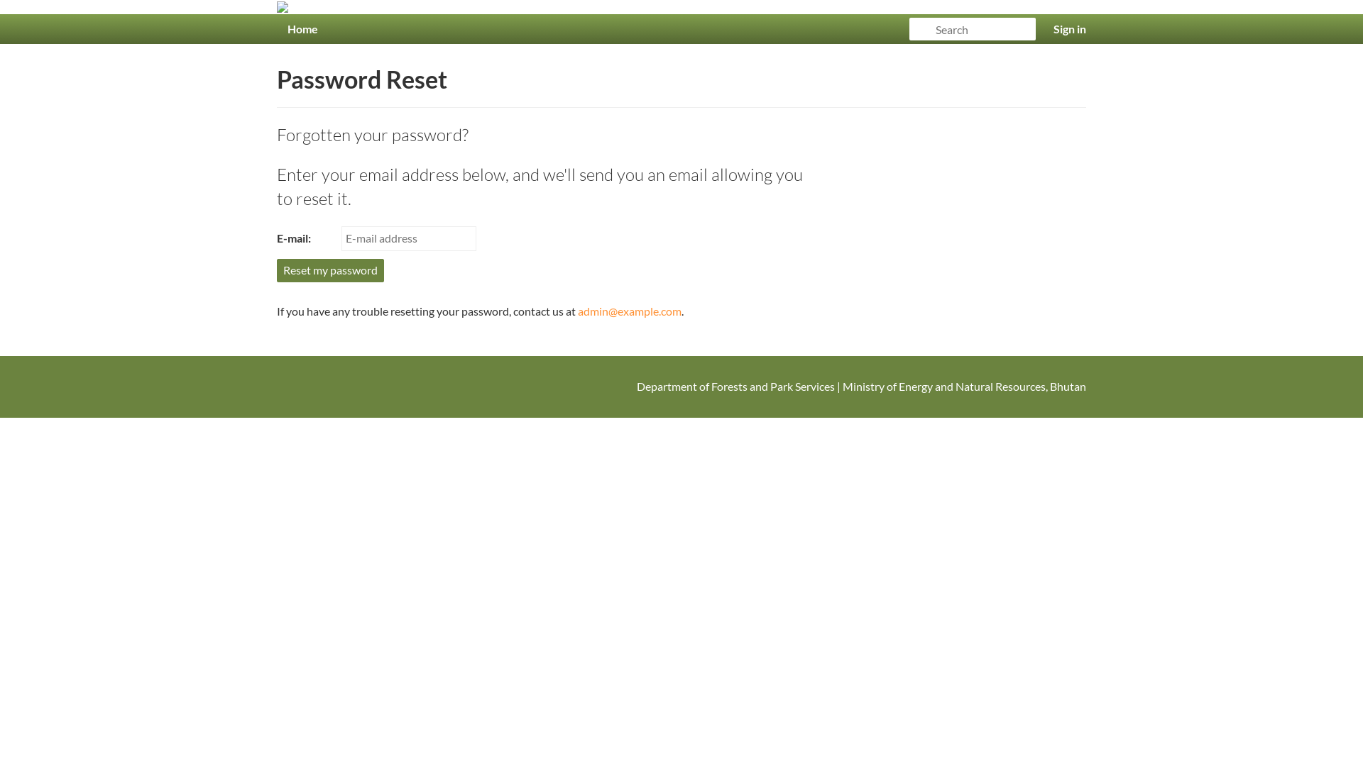  Describe the element at coordinates (302, 29) in the screenshot. I see `'Home'` at that location.